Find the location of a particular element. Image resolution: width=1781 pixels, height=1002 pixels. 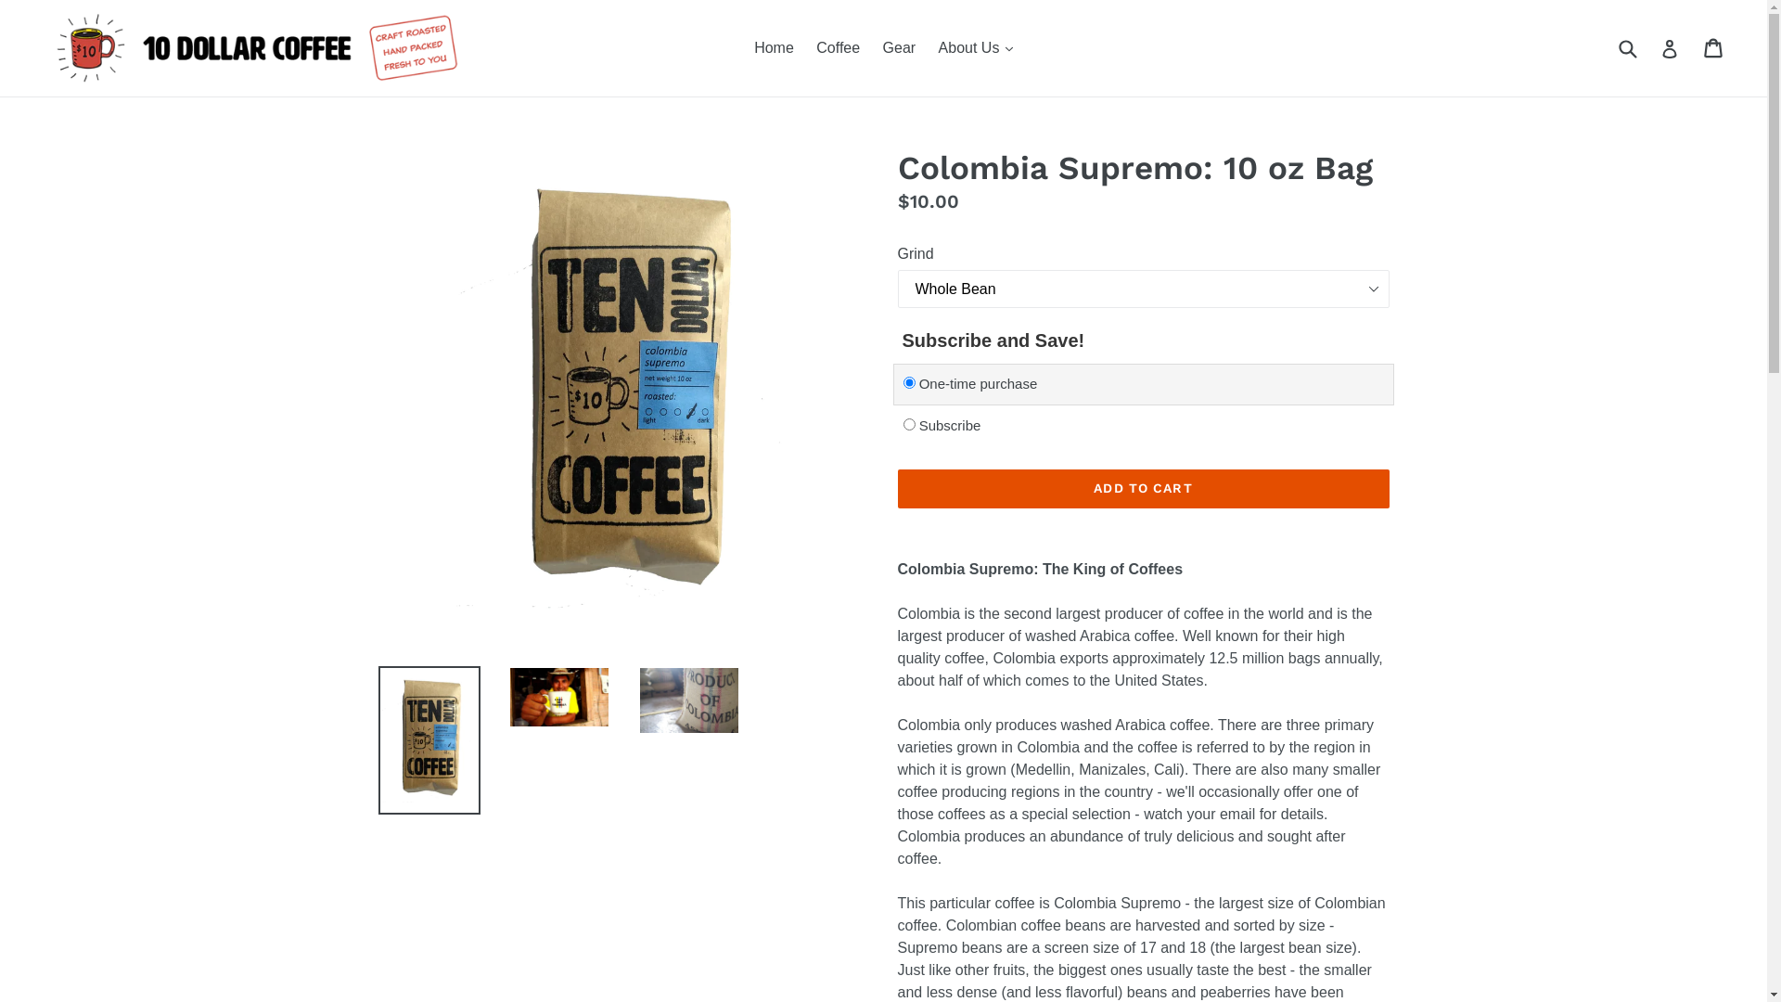

'Cart is located at coordinates (1713, 46).